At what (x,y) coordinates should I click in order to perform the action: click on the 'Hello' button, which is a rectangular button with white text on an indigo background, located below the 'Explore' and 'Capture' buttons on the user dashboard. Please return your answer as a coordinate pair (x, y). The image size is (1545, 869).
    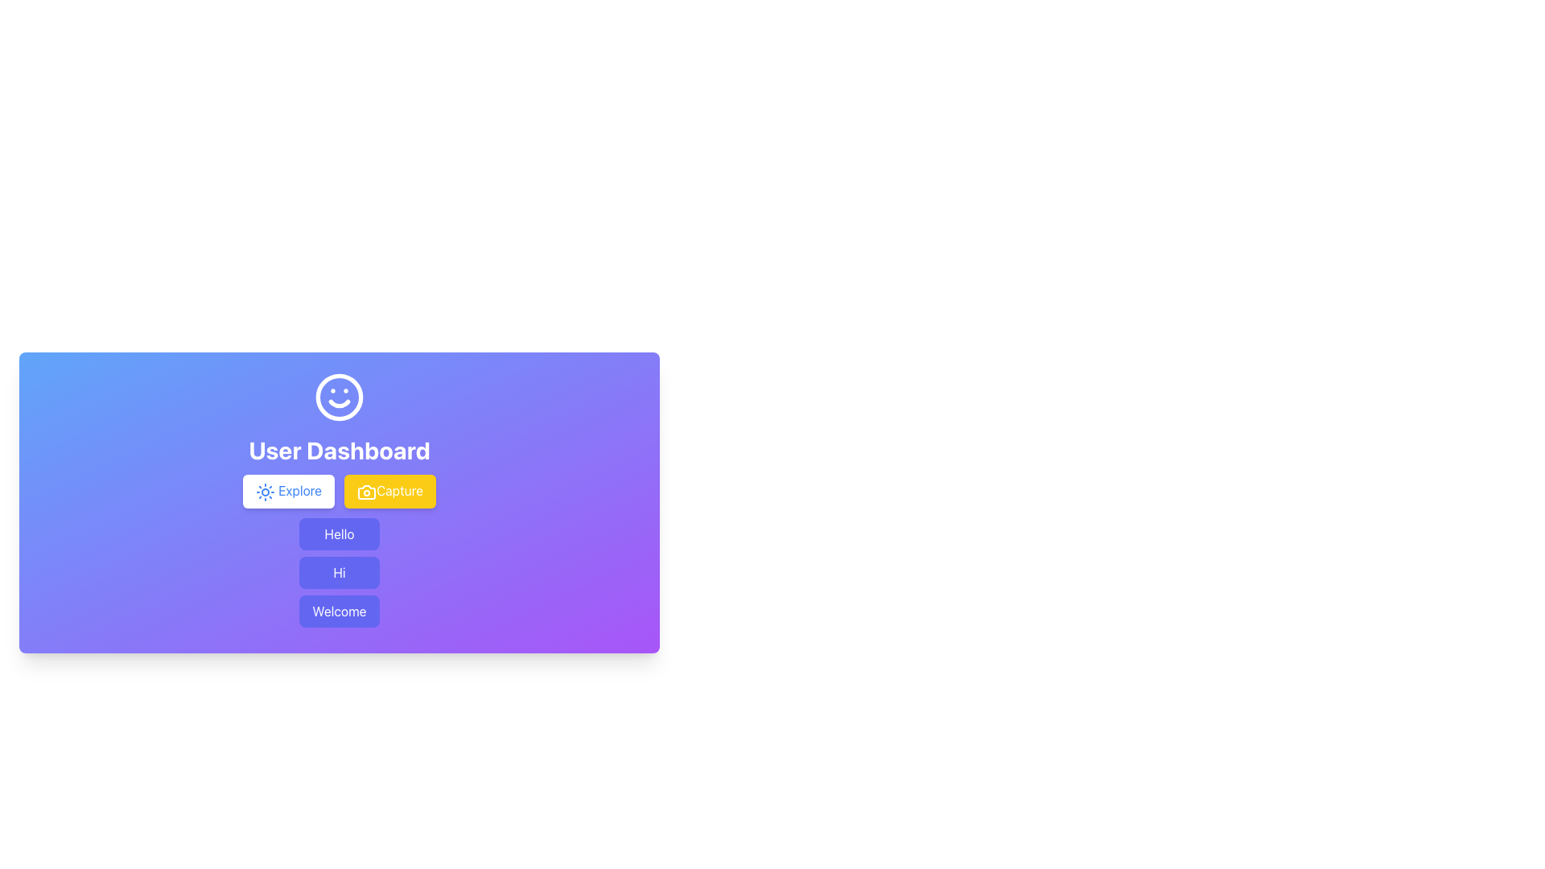
    Looking at the image, I should click on (339, 533).